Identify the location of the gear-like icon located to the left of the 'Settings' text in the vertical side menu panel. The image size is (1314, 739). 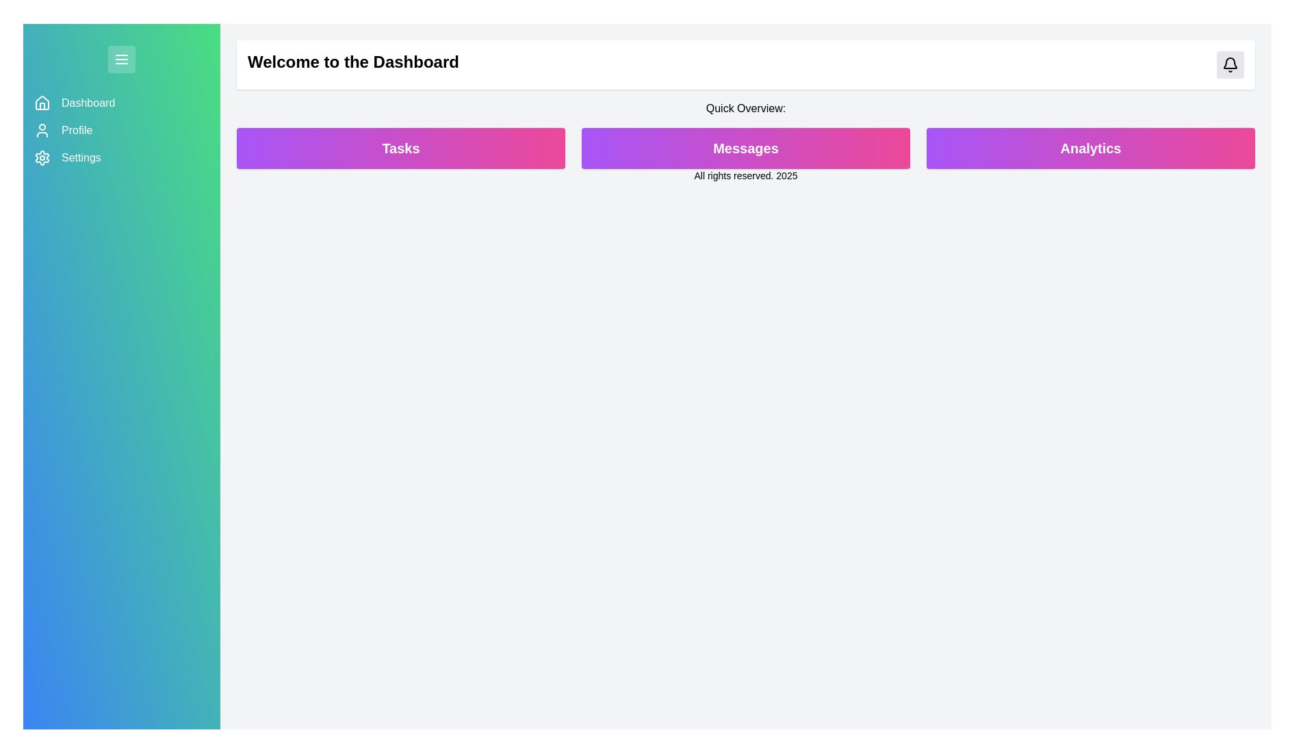
(42, 157).